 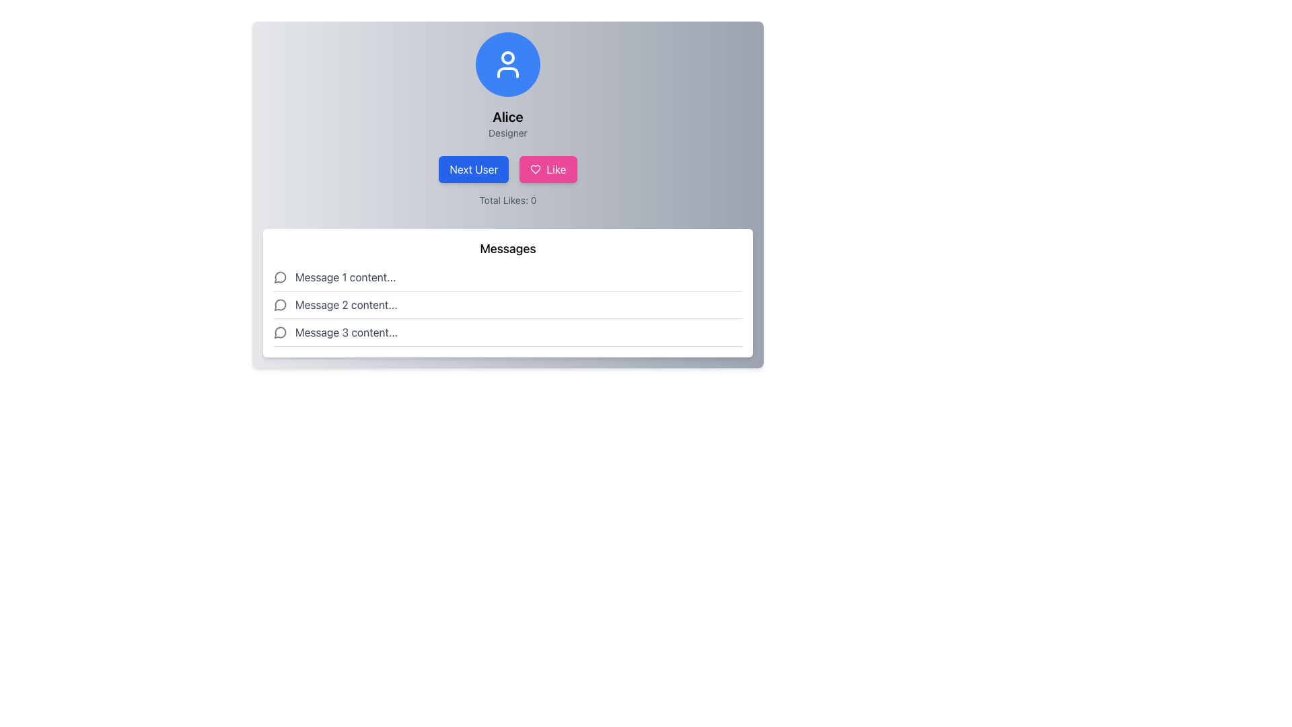 I want to click on the speech bubble icon located in the 'Messages' section, which represents the first message item in the list, so click(x=279, y=277).